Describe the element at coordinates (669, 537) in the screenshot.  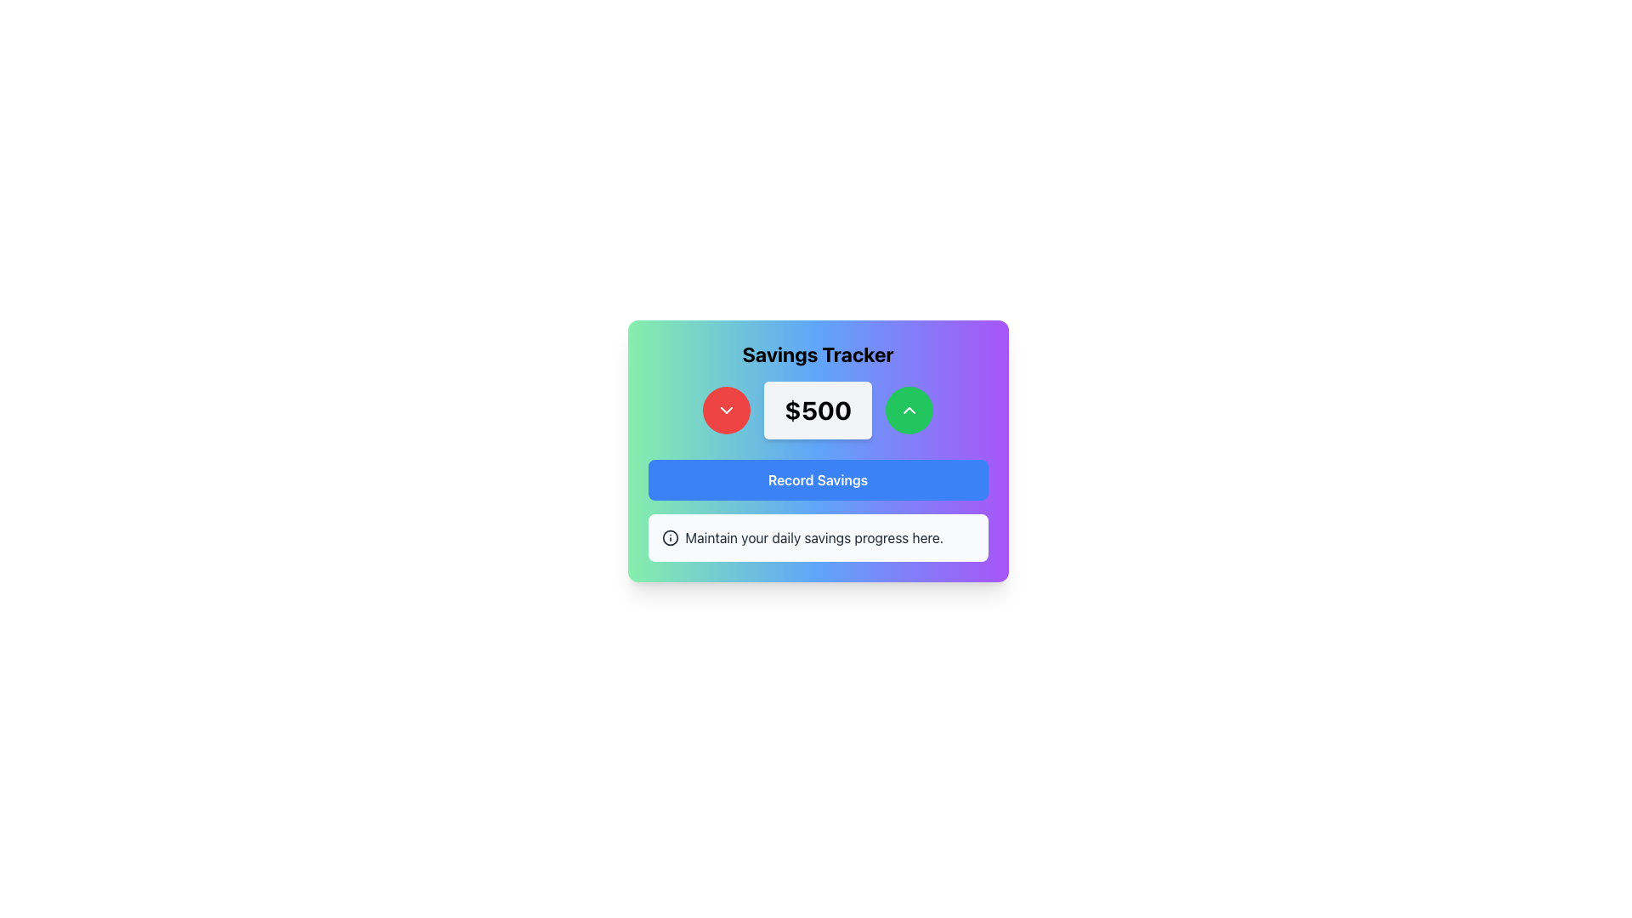
I see `the small circular graphic (SVG Circle) that has an outline styled as a ring, located next to the textual instruction and part of a tooltip-like component at the bottom of the 'Record Savings' button` at that location.